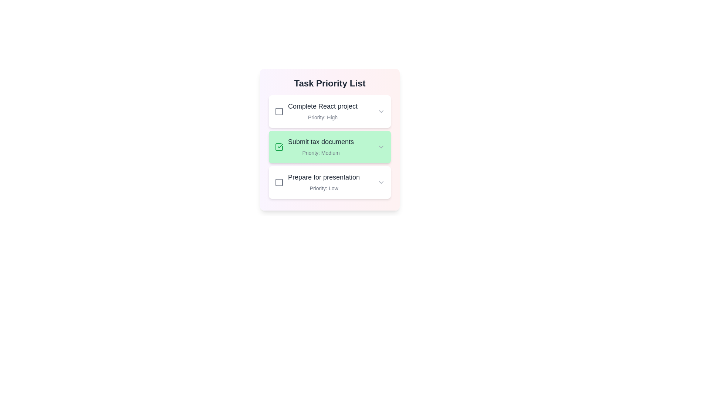  I want to click on the task with the title Submit tax documents, so click(329, 147).